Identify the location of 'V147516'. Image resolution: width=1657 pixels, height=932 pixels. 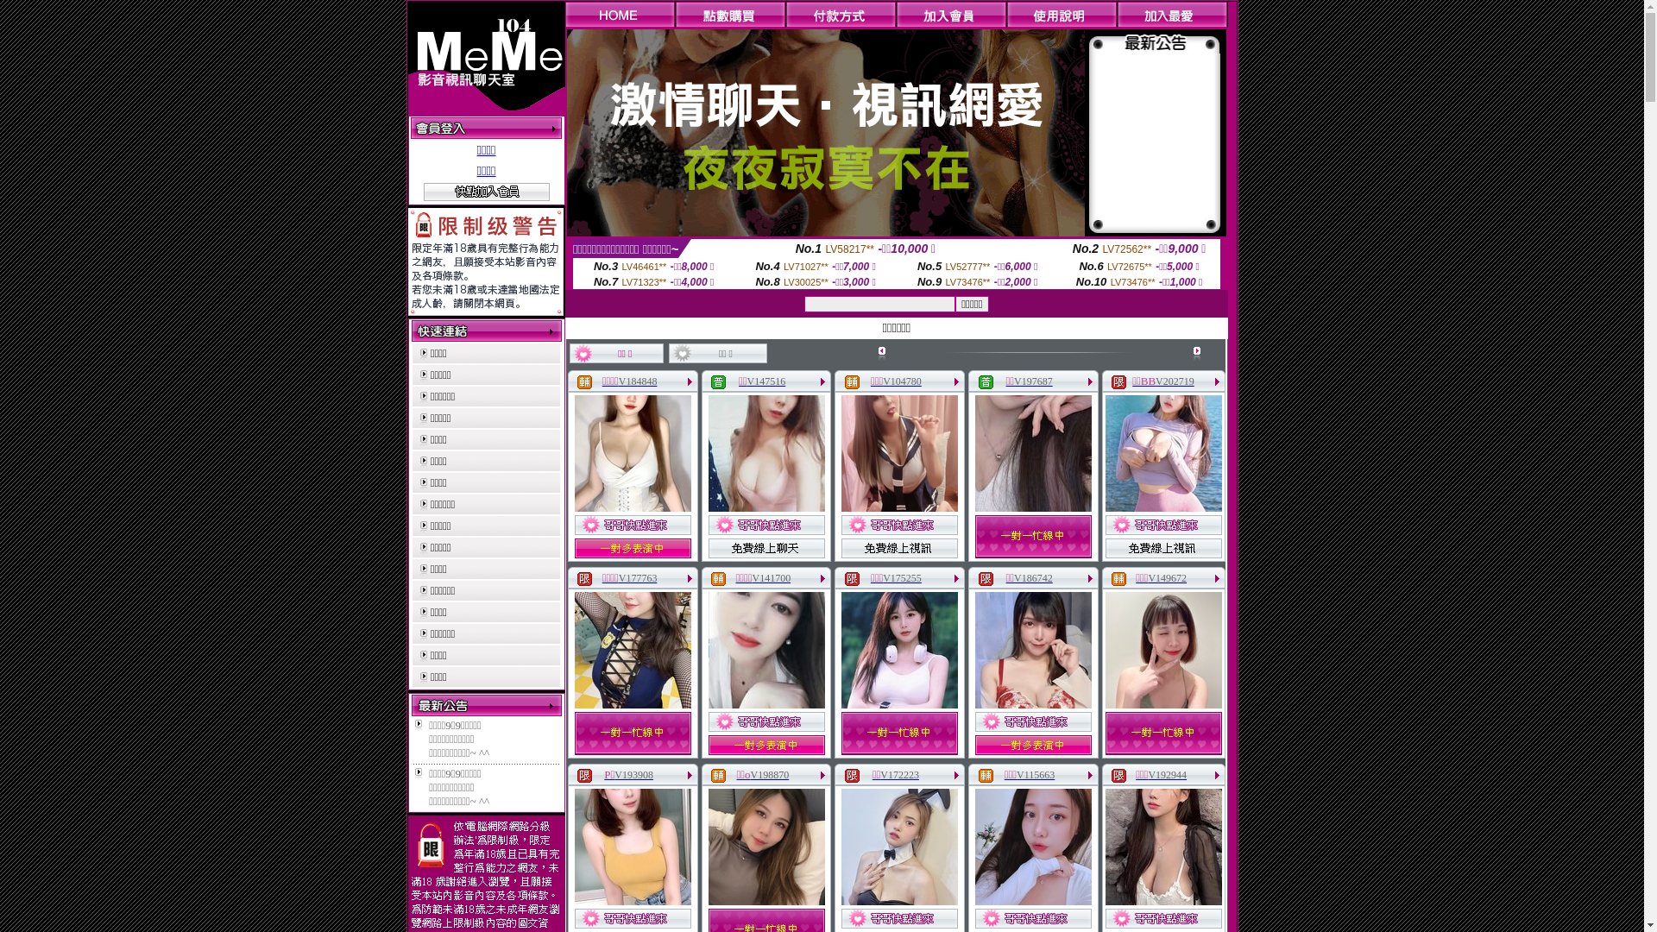
(765, 381).